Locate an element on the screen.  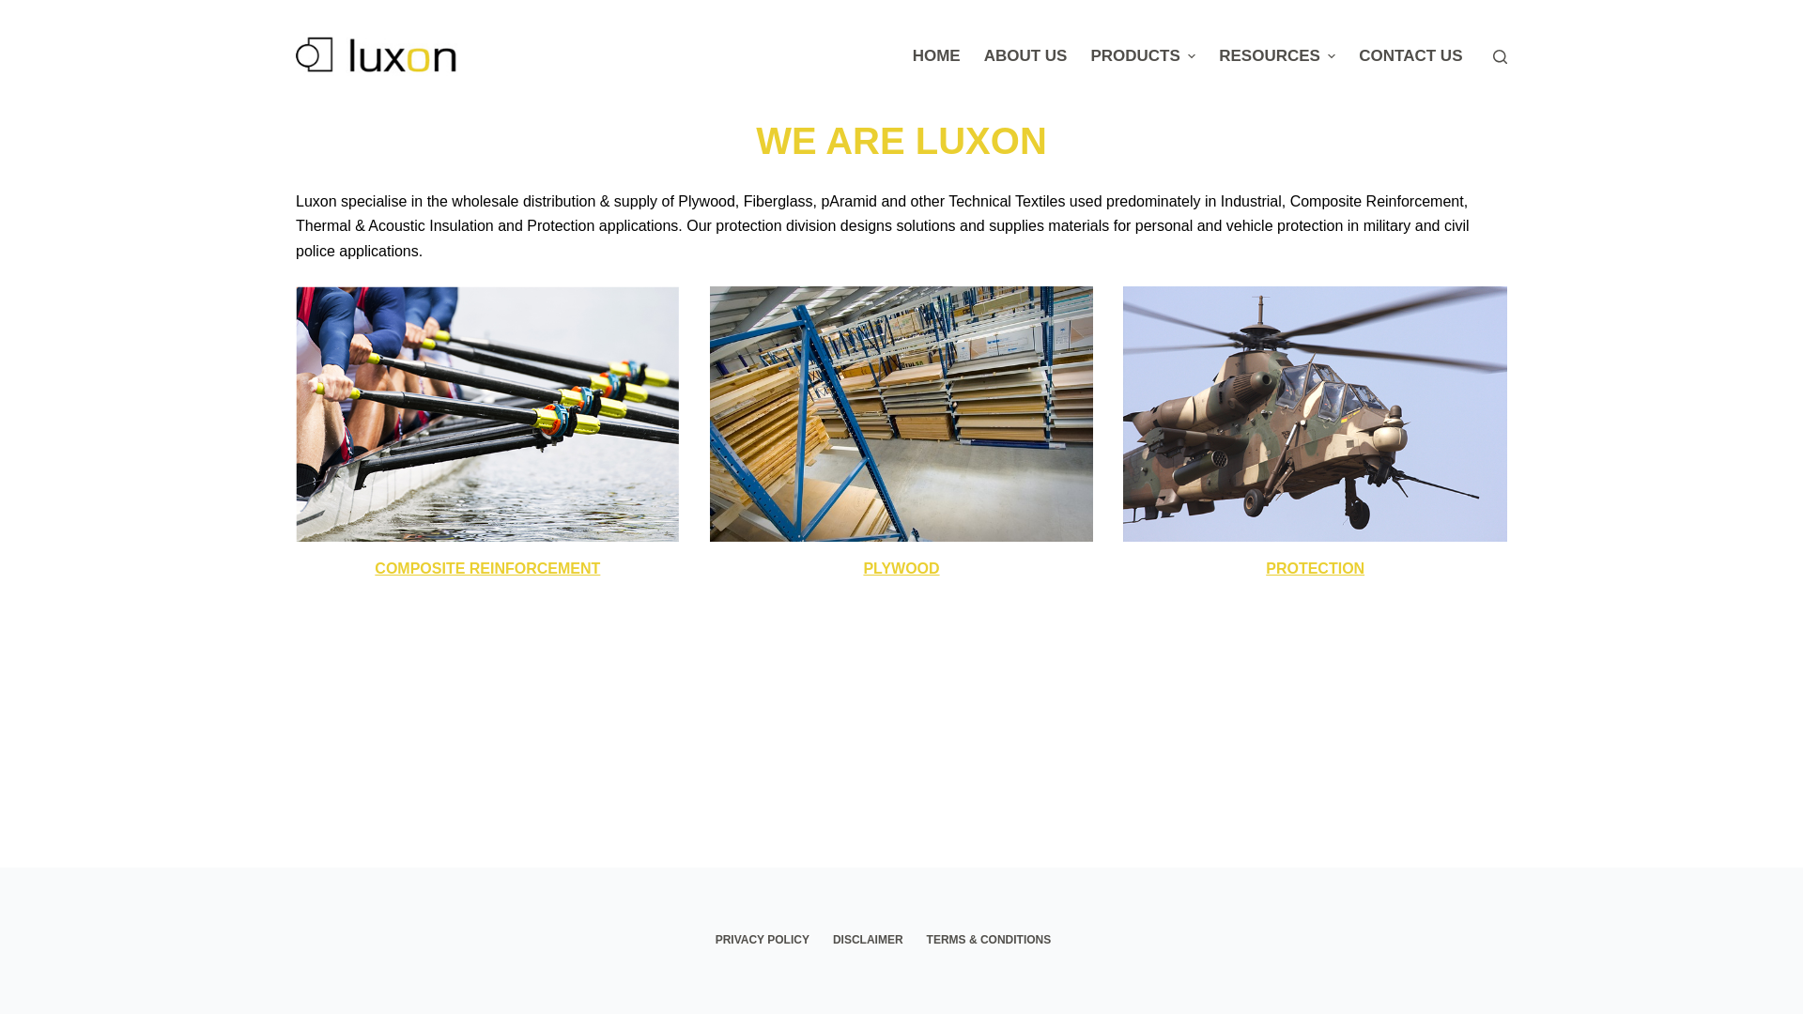
'ABOUT US' is located at coordinates (1024, 55).